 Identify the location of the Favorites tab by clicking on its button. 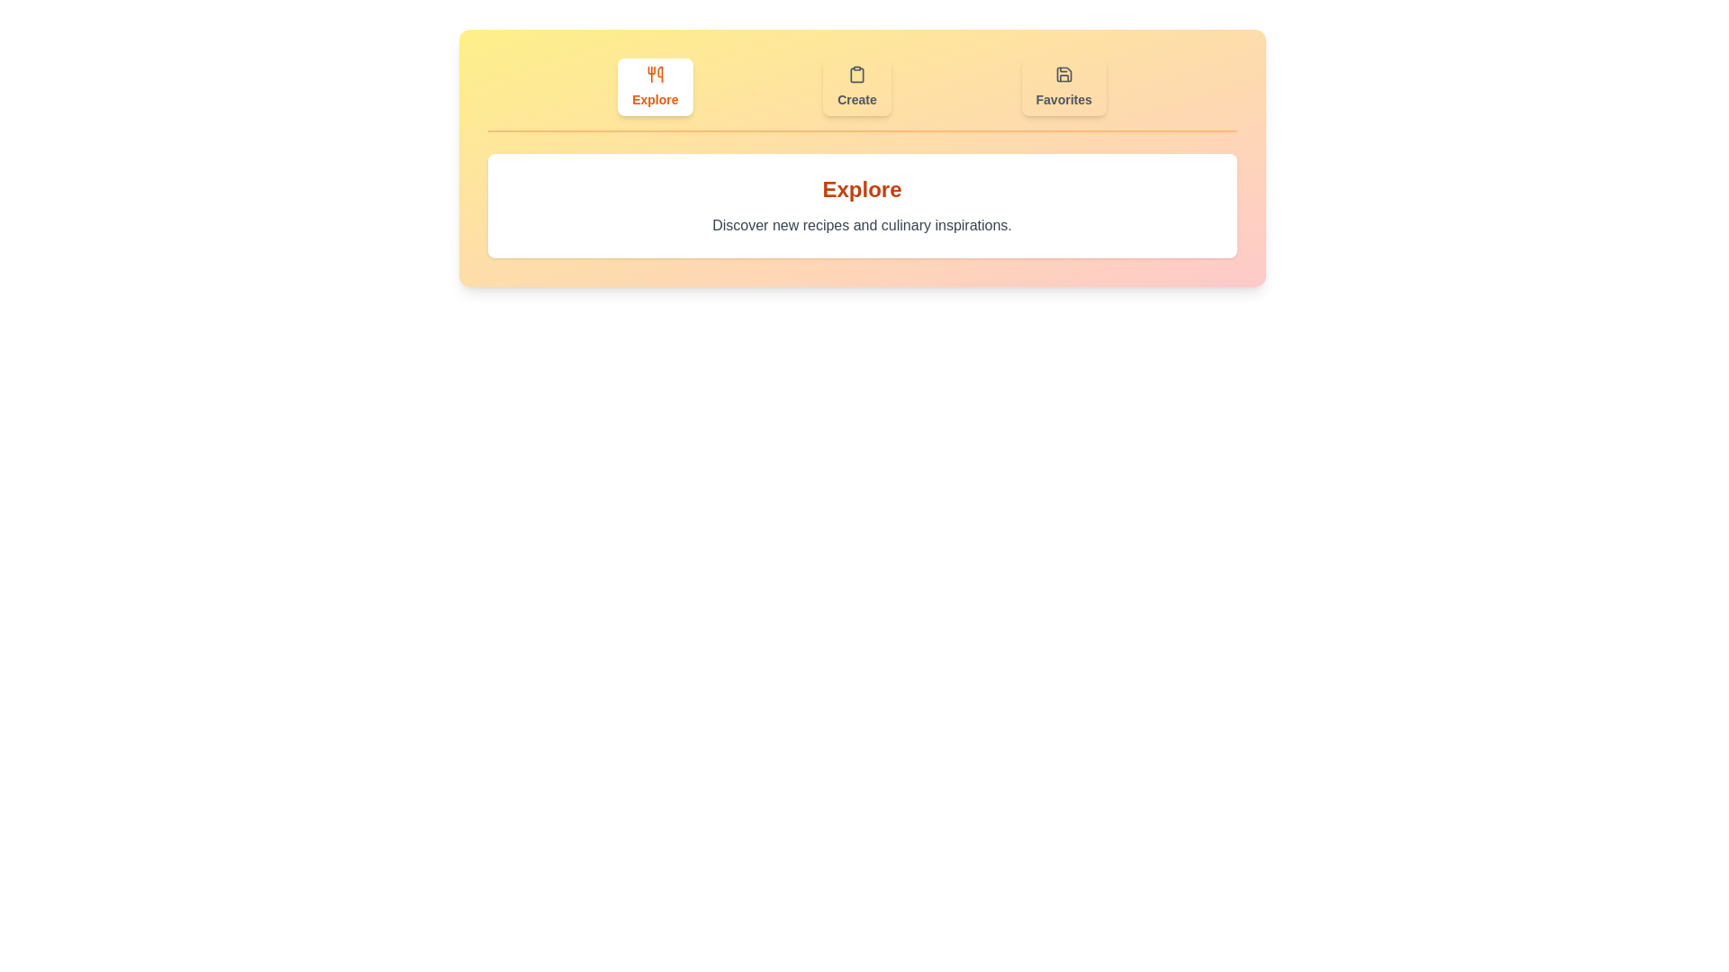
(1064, 86).